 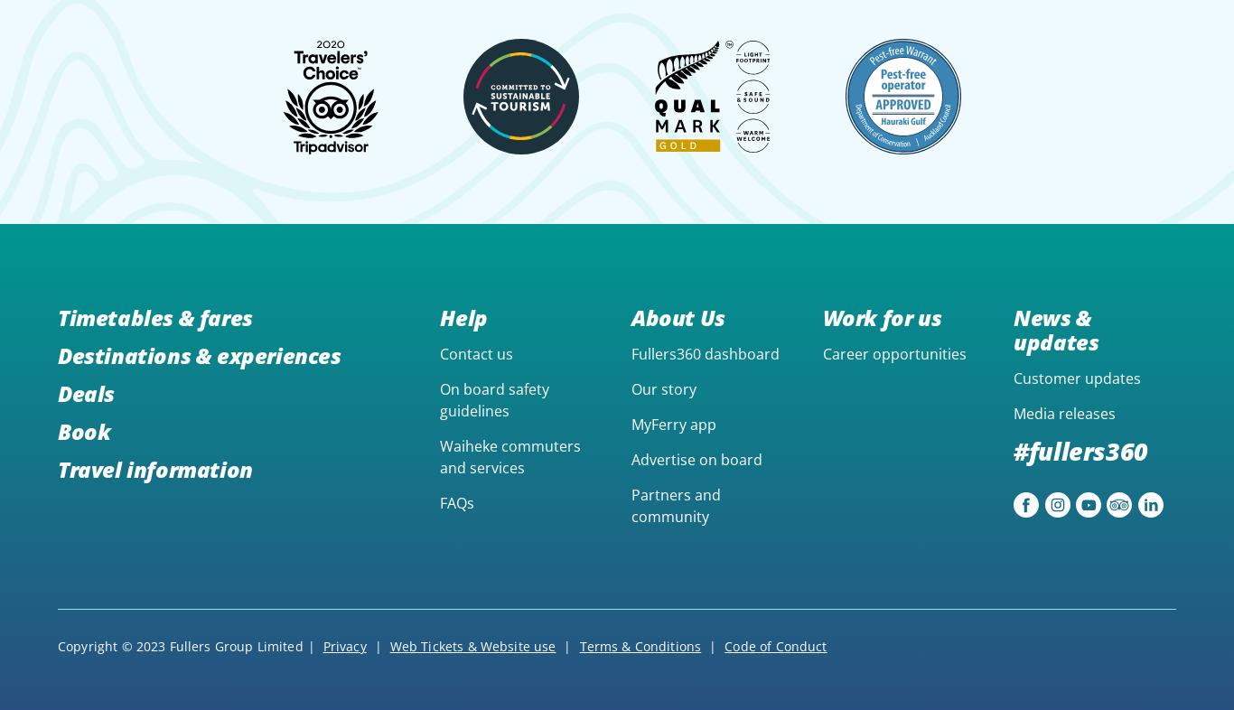 What do you see at coordinates (640, 646) in the screenshot?
I see `'Terms & Conditions'` at bounding box center [640, 646].